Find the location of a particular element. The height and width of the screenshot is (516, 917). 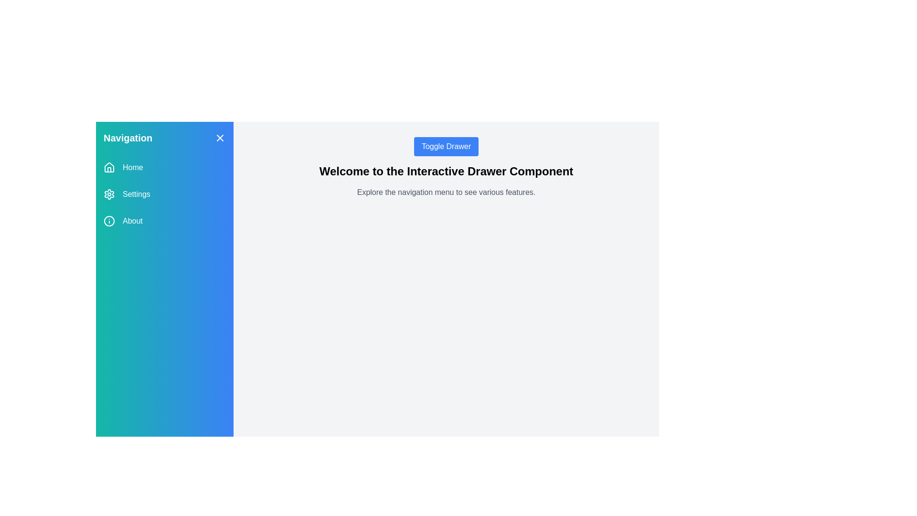

the navigation item Home to navigate to the corresponding section is located at coordinates (165, 167).